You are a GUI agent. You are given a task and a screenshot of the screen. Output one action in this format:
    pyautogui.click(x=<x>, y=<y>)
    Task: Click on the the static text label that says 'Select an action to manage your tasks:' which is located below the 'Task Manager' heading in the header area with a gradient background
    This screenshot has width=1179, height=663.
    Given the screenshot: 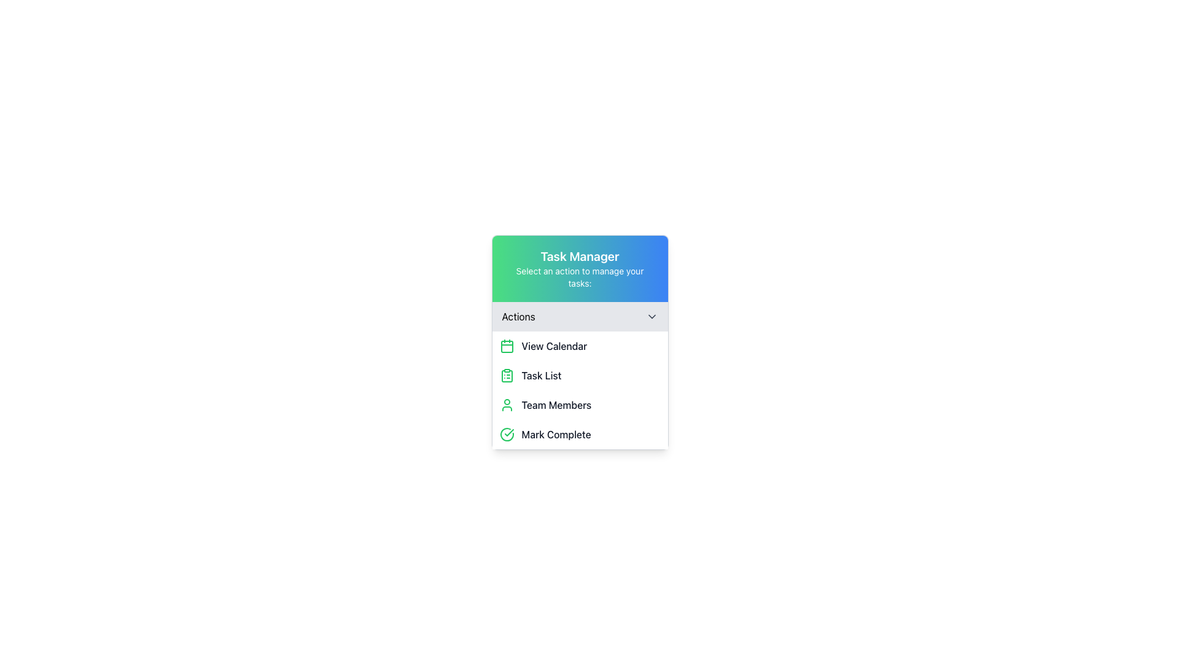 What is the action you would take?
    pyautogui.click(x=579, y=277)
    